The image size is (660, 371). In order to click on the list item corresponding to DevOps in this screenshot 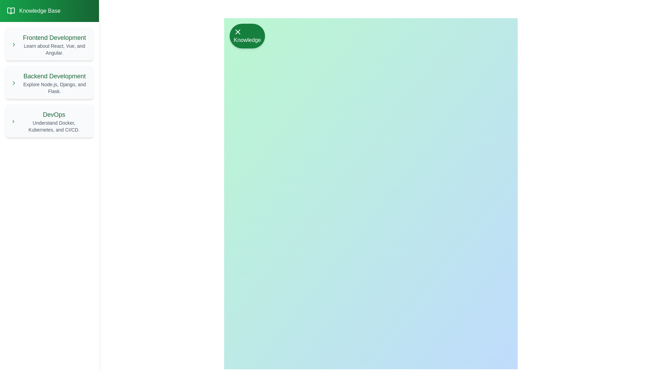, I will do `click(49, 120)`.